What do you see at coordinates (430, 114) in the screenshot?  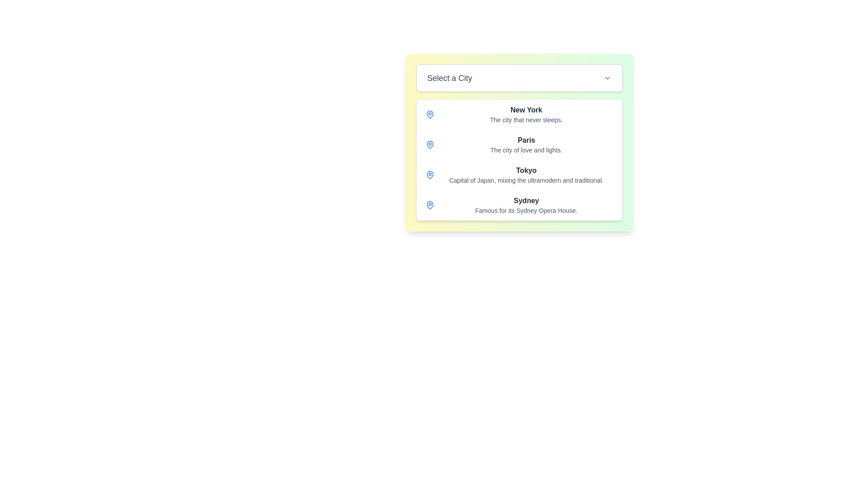 I see `the map pin icon with a blue stroke located next to the text 'New York' in the dropdown menu` at bounding box center [430, 114].